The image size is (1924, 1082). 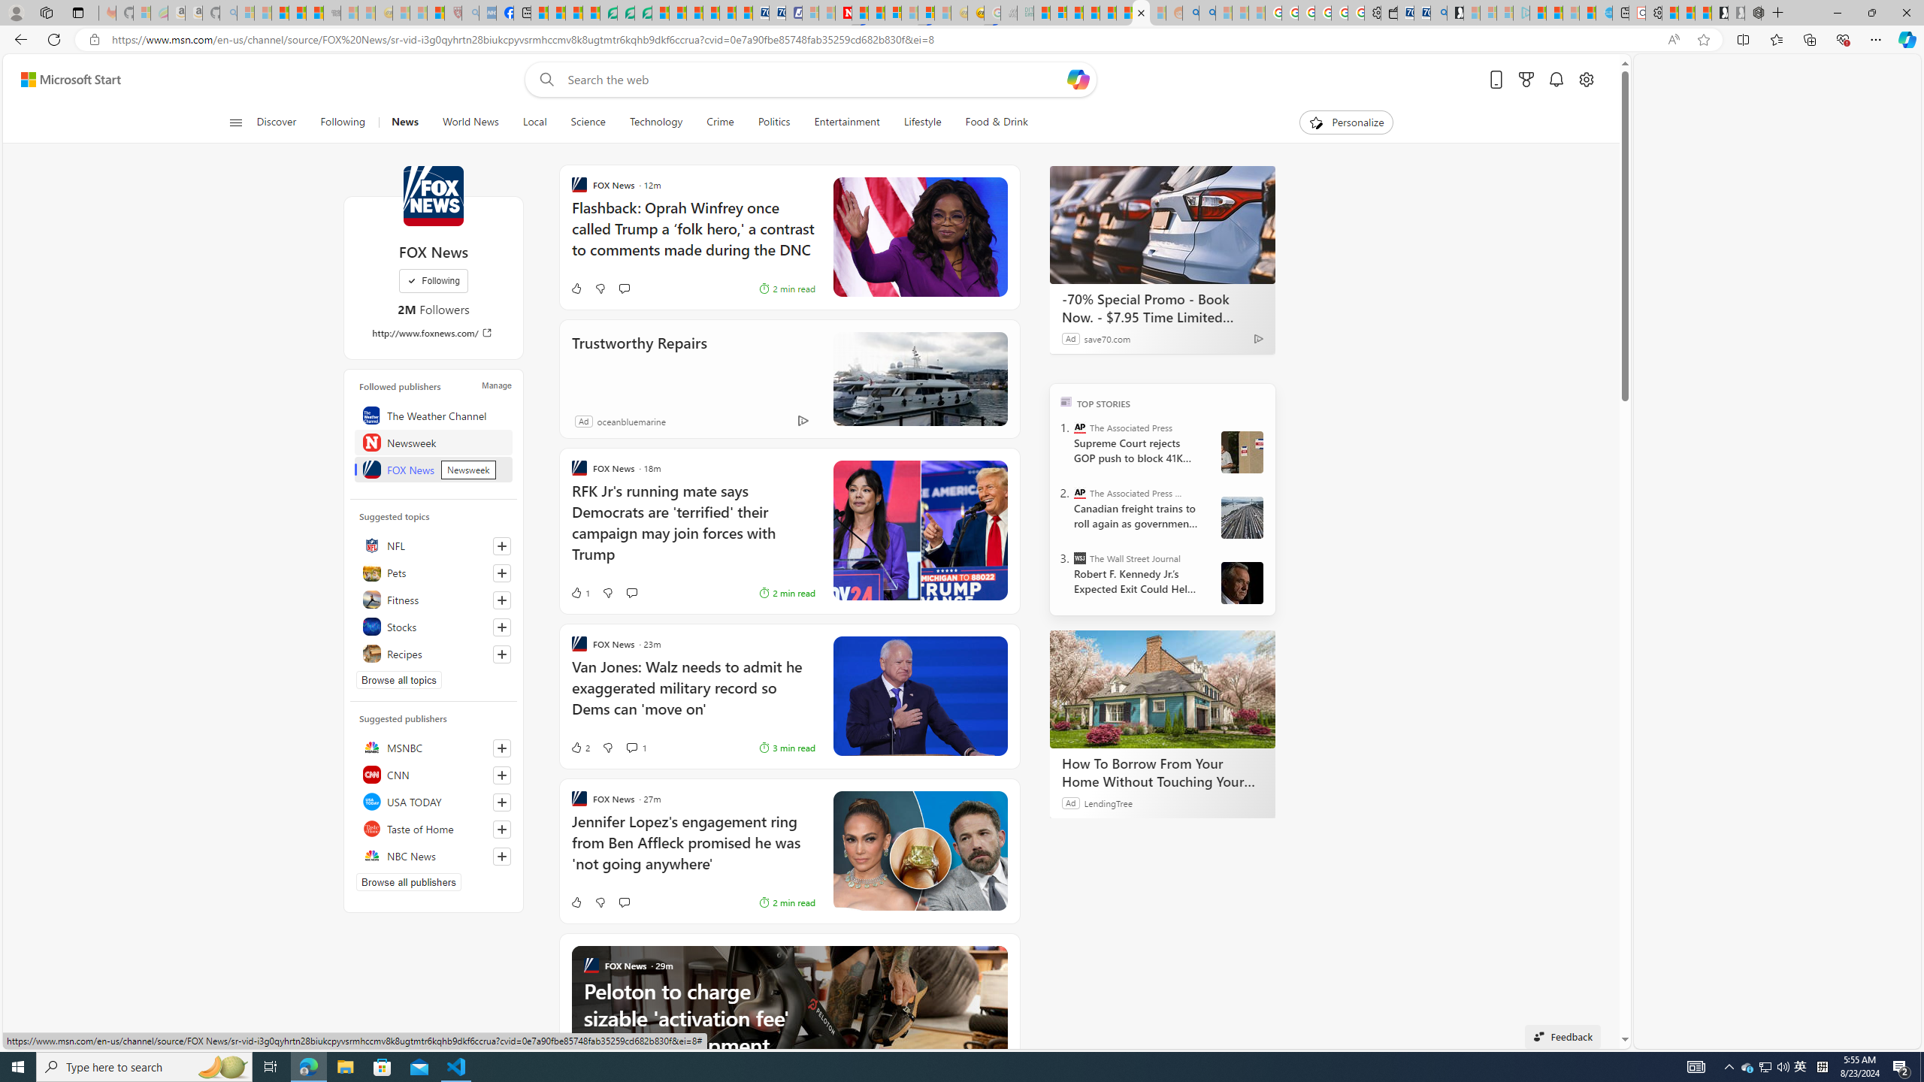 I want to click on 'The Weather Channel', so click(x=432, y=414).